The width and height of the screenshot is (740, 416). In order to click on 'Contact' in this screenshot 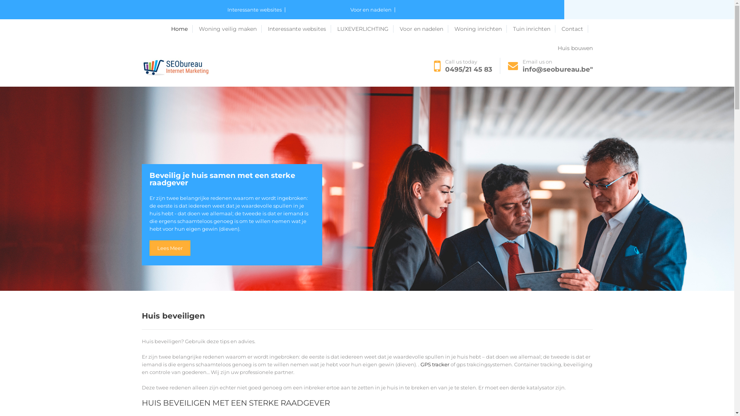, I will do `click(574, 28)`.